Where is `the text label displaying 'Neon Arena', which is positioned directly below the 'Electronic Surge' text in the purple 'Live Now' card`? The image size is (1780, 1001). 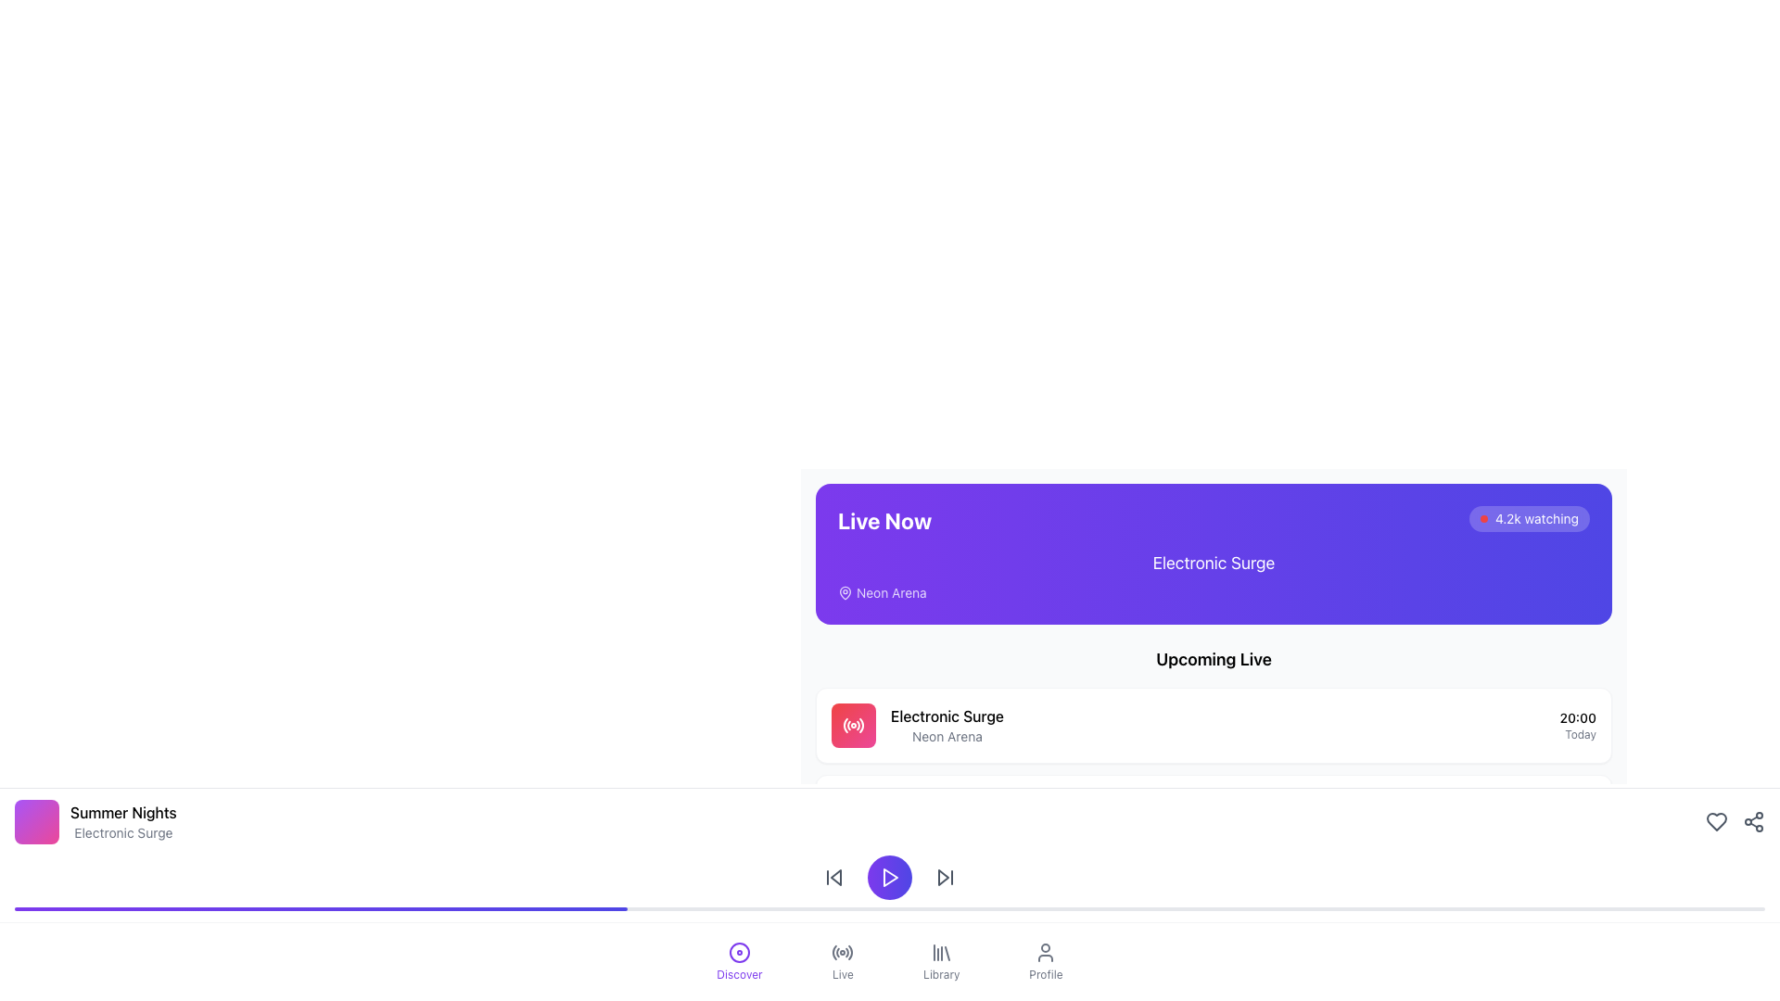
the text label displaying 'Neon Arena', which is positioned directly below the 'Electronic Surge' text in the purple 'Live Now' card is located at coordinates (947, 735).